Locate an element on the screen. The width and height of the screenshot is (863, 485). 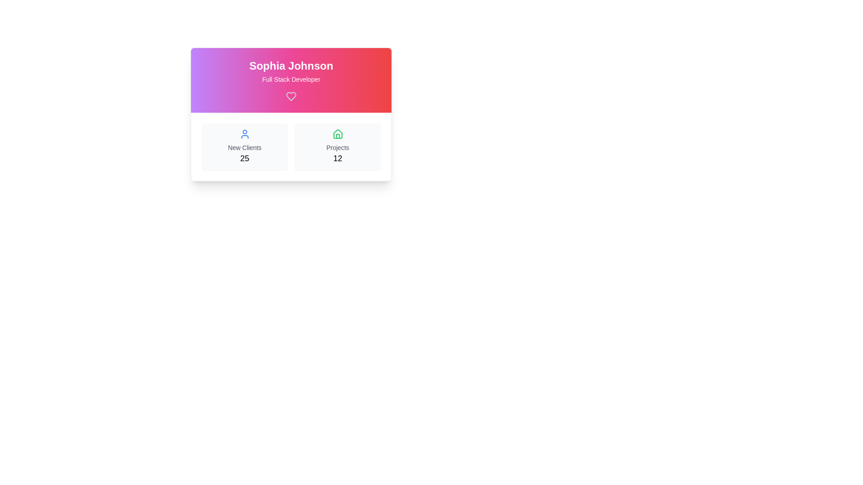
the heart-shaped icon button located at the top-center of the profile card is located at coordinates (291, 97).